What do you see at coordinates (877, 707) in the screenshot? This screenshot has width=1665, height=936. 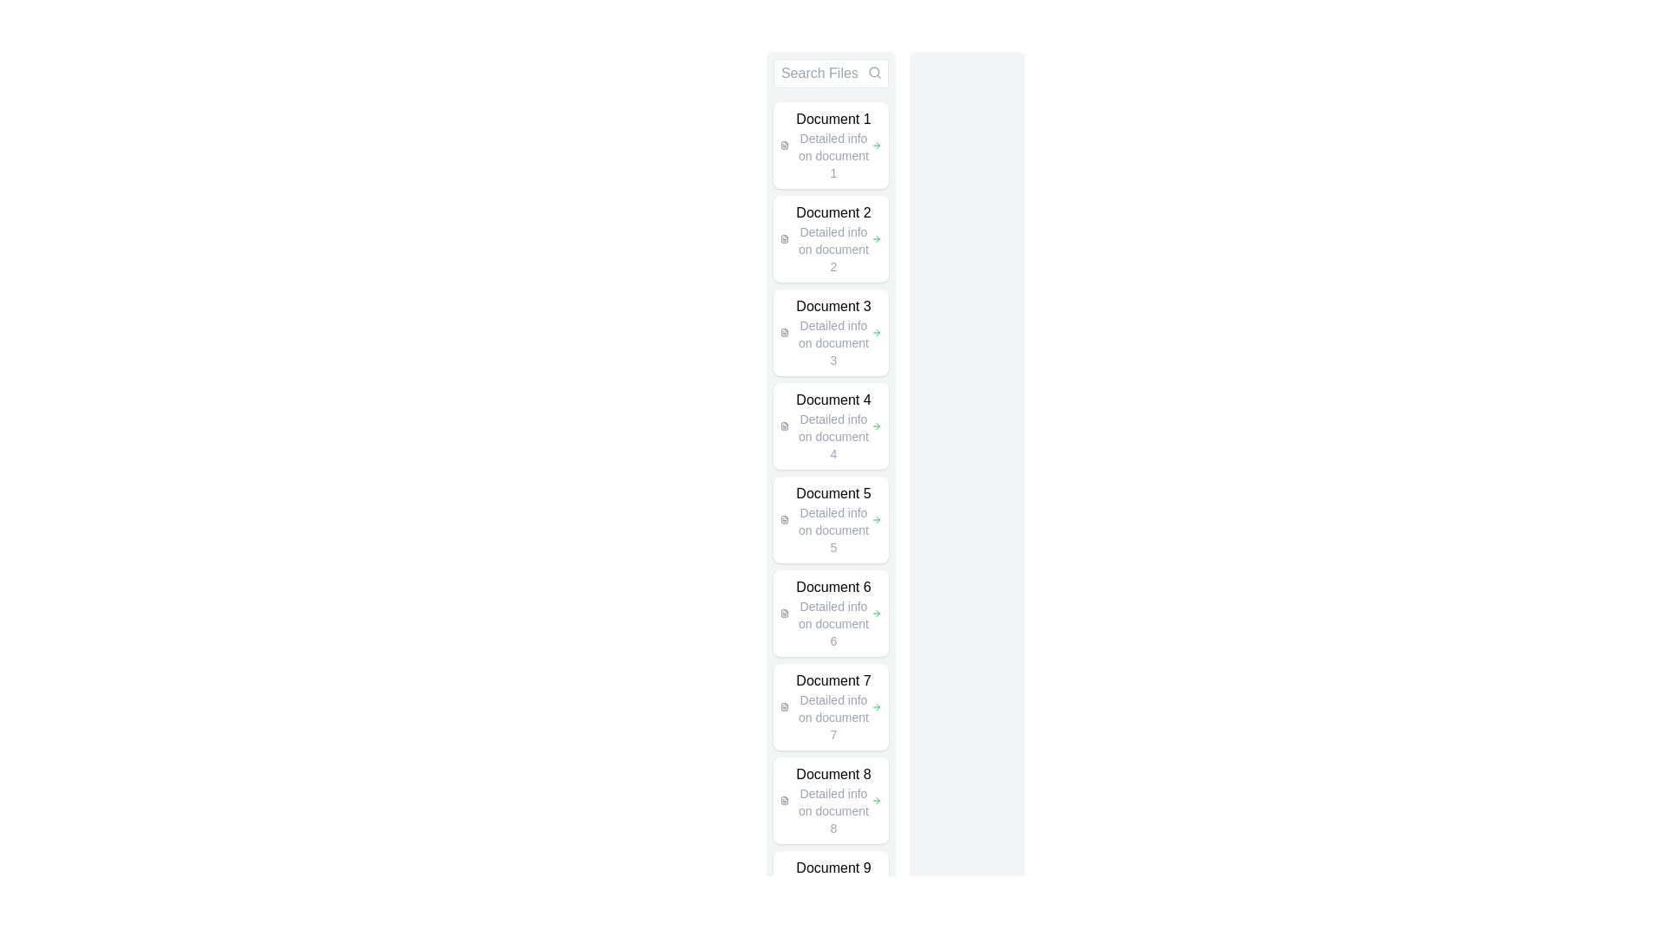 I see `the green arrow icon with a bold outline located at the far right of the informational card labeled 'Document 7'` at bounding box center [877, 707].